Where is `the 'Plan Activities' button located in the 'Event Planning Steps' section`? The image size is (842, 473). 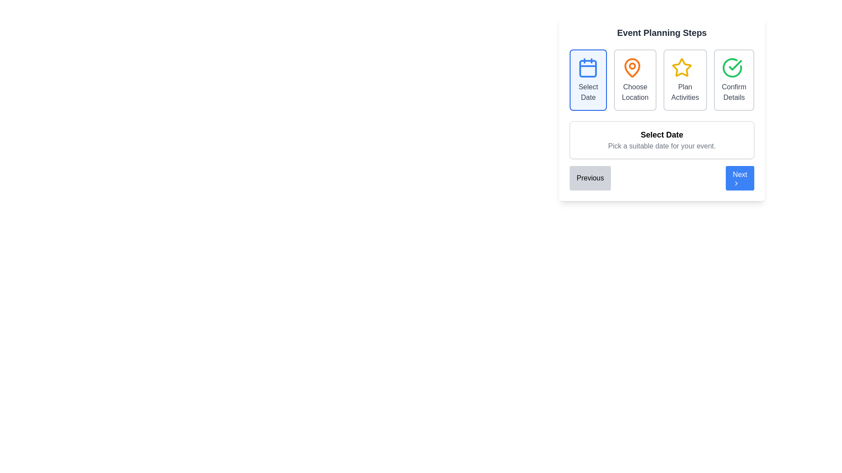 the 'Plan Activities' button located in the 'Event Planning Steps' section is located at coordinates (662, 108).